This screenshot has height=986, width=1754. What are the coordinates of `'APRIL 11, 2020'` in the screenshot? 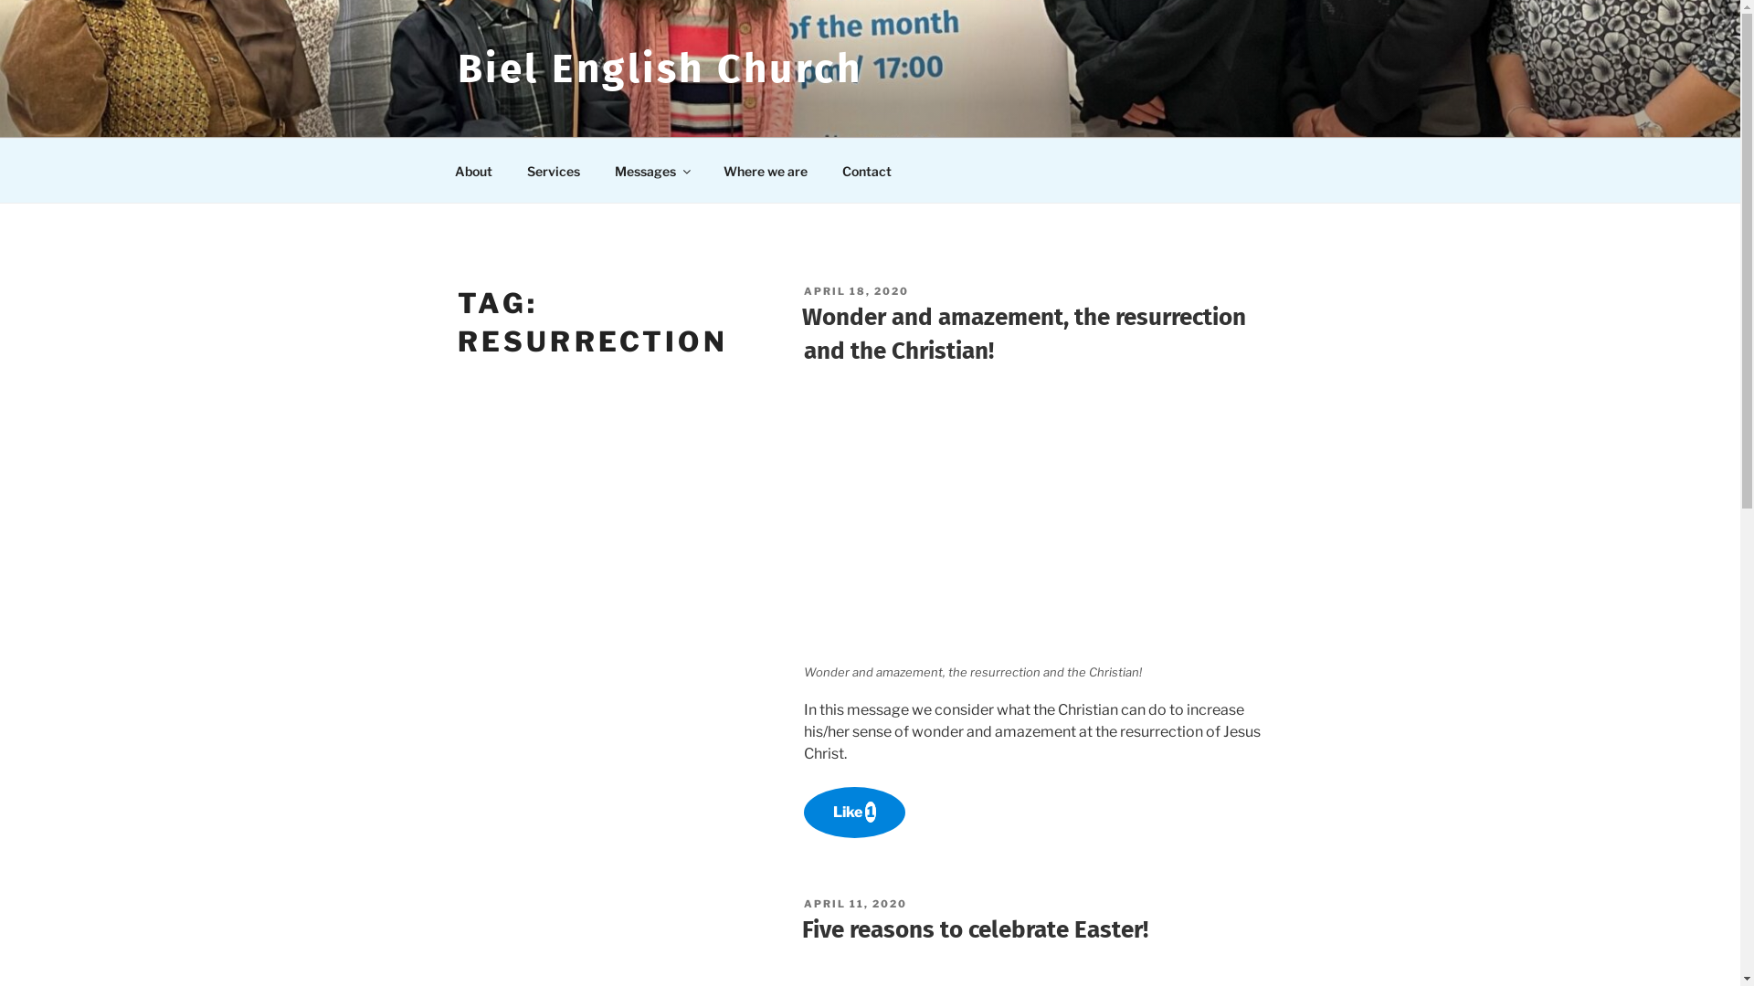 It's located at (854, 904).